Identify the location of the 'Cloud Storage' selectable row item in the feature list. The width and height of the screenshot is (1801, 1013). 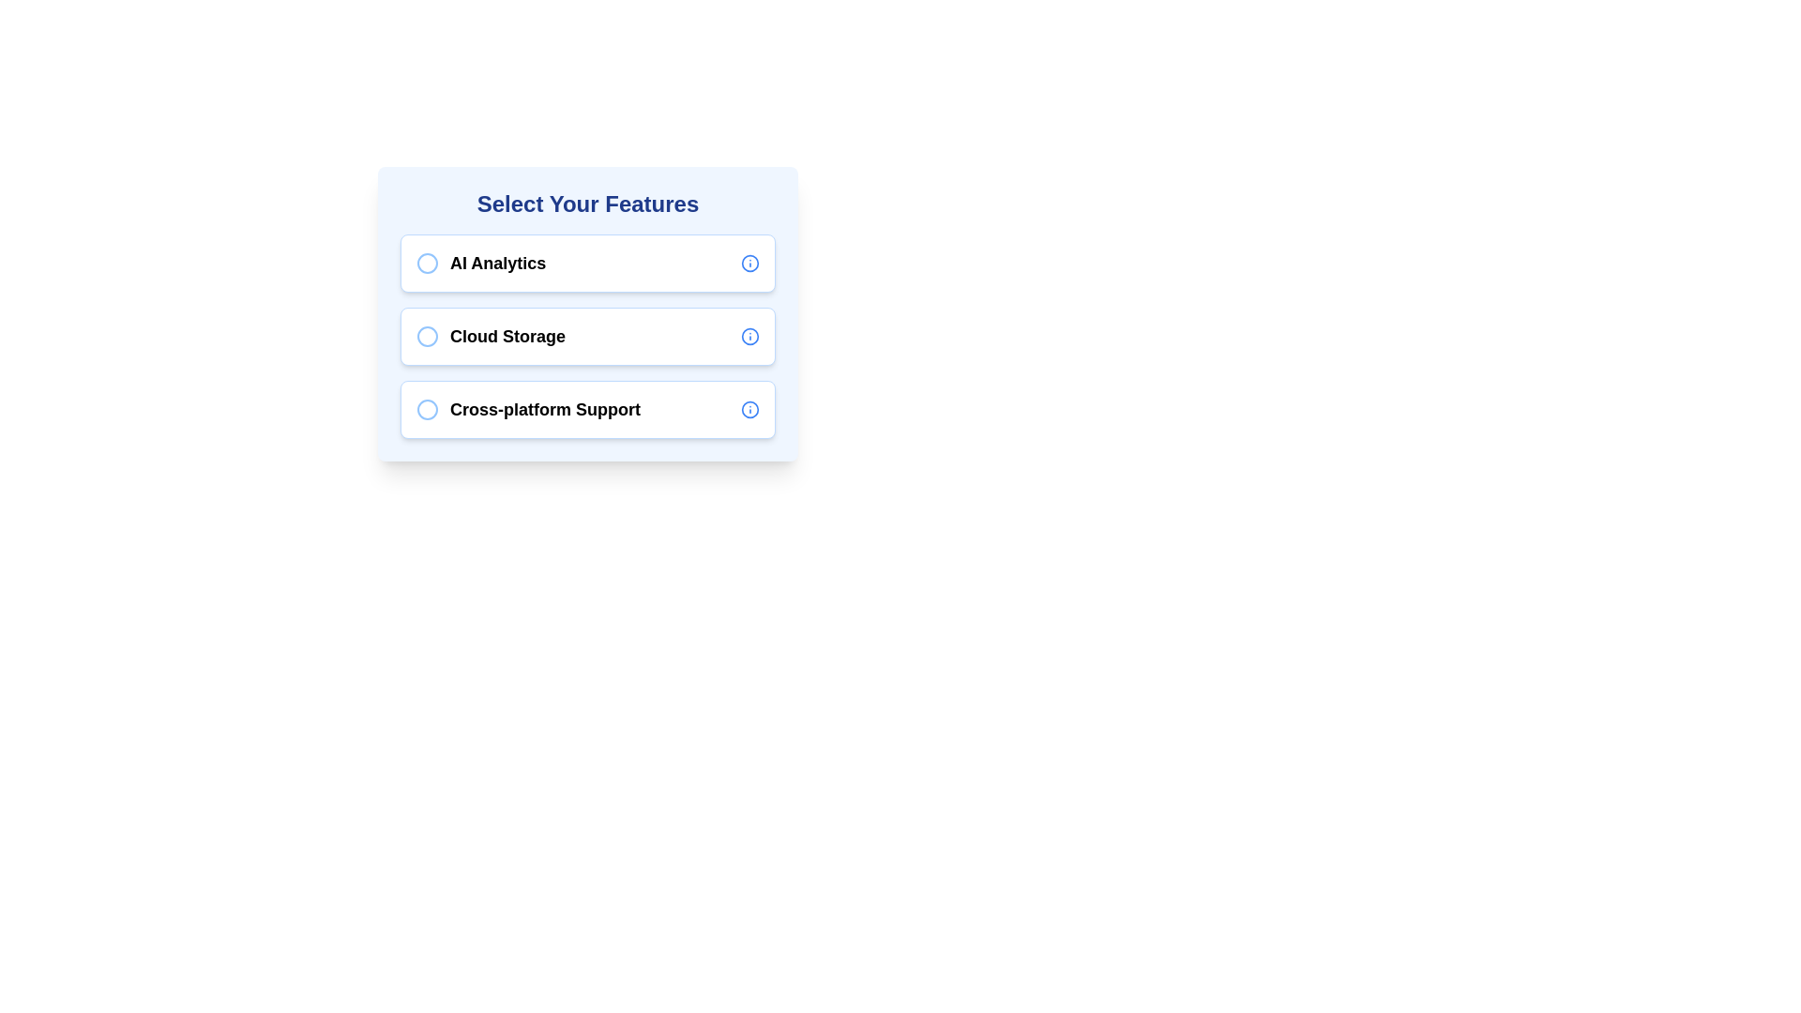
(587, 335).